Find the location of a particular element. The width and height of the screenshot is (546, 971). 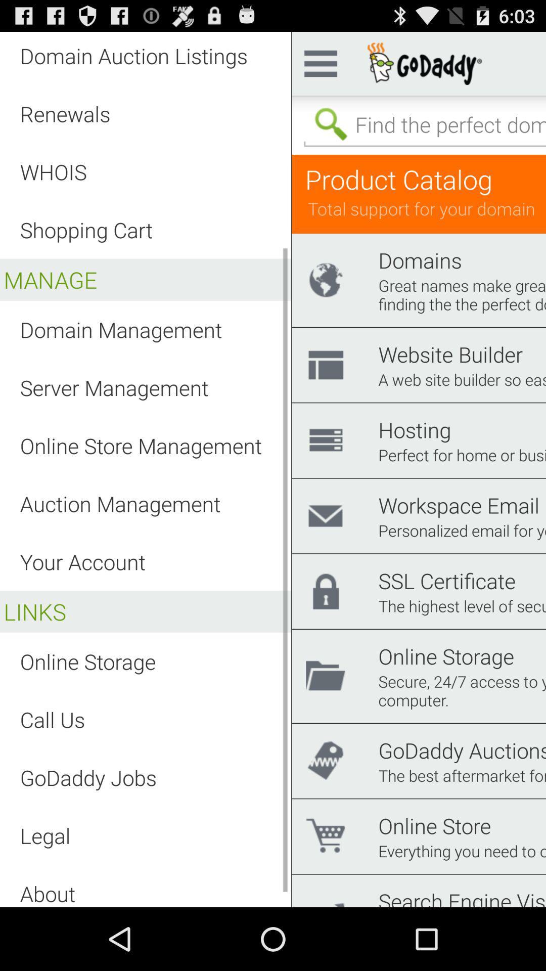

search bar is located at coordinates (422, 124).